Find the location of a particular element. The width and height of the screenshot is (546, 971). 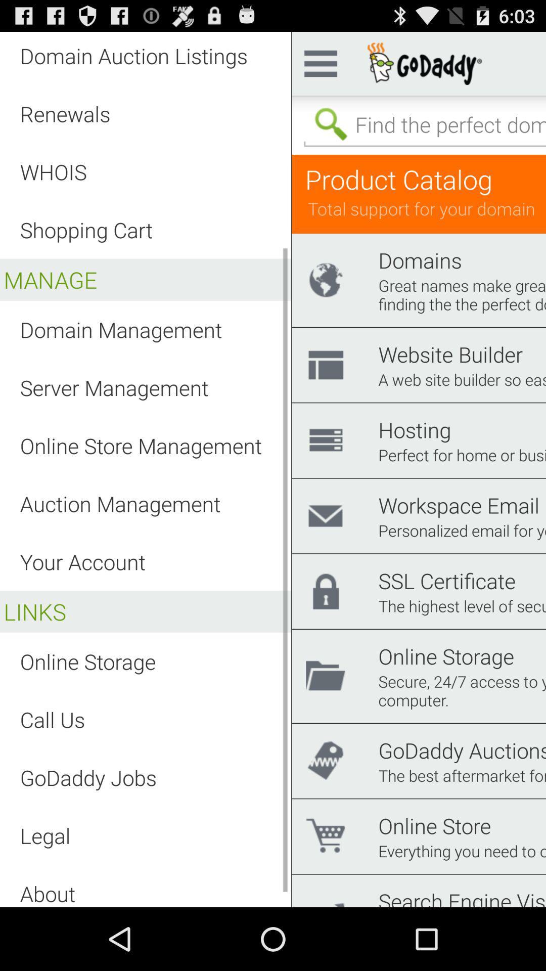

search bar is located at coordinates (422, 124).